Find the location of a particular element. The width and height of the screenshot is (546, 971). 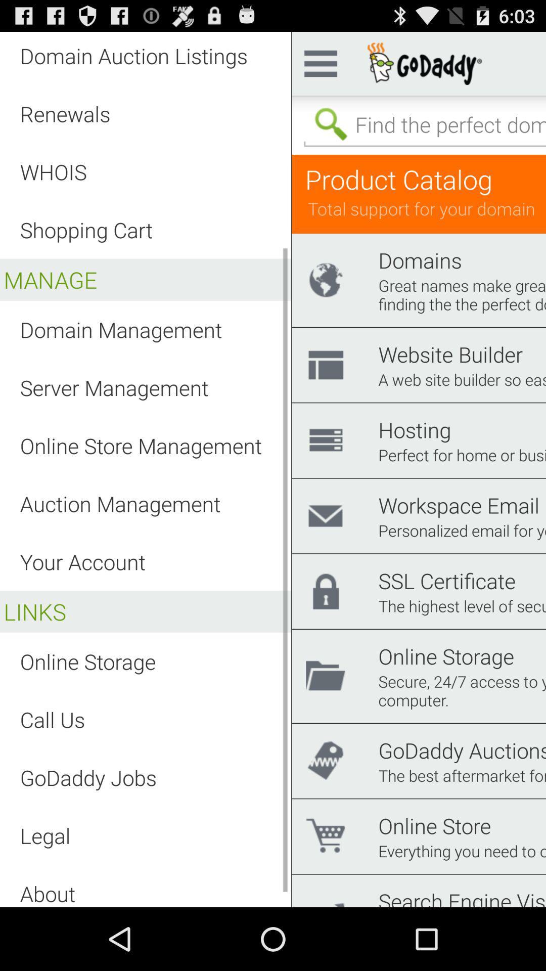

search bar is located at coordinates (422, 124).